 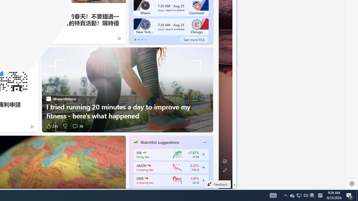 What do you see at coordinates (146, 178) in the screenshot?
I see `'GAMESTOP CORP.'` at bounding box center [146, 178].